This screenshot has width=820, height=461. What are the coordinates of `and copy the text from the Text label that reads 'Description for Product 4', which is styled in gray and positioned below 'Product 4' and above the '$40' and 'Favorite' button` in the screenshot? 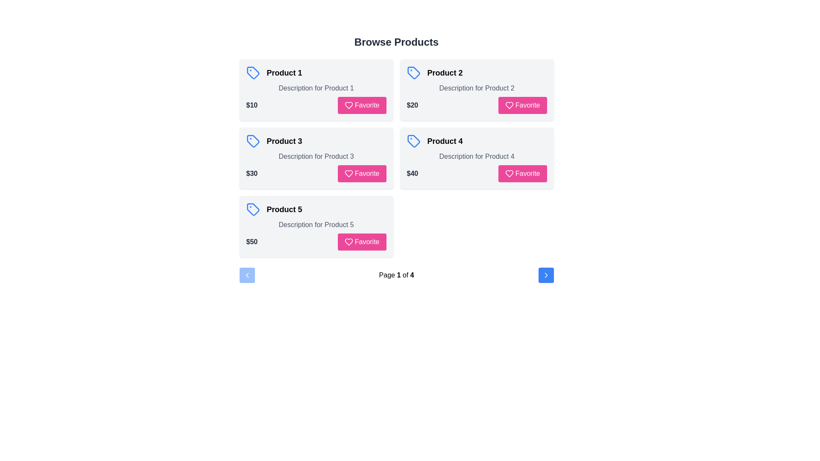 It's located at (476, 156).